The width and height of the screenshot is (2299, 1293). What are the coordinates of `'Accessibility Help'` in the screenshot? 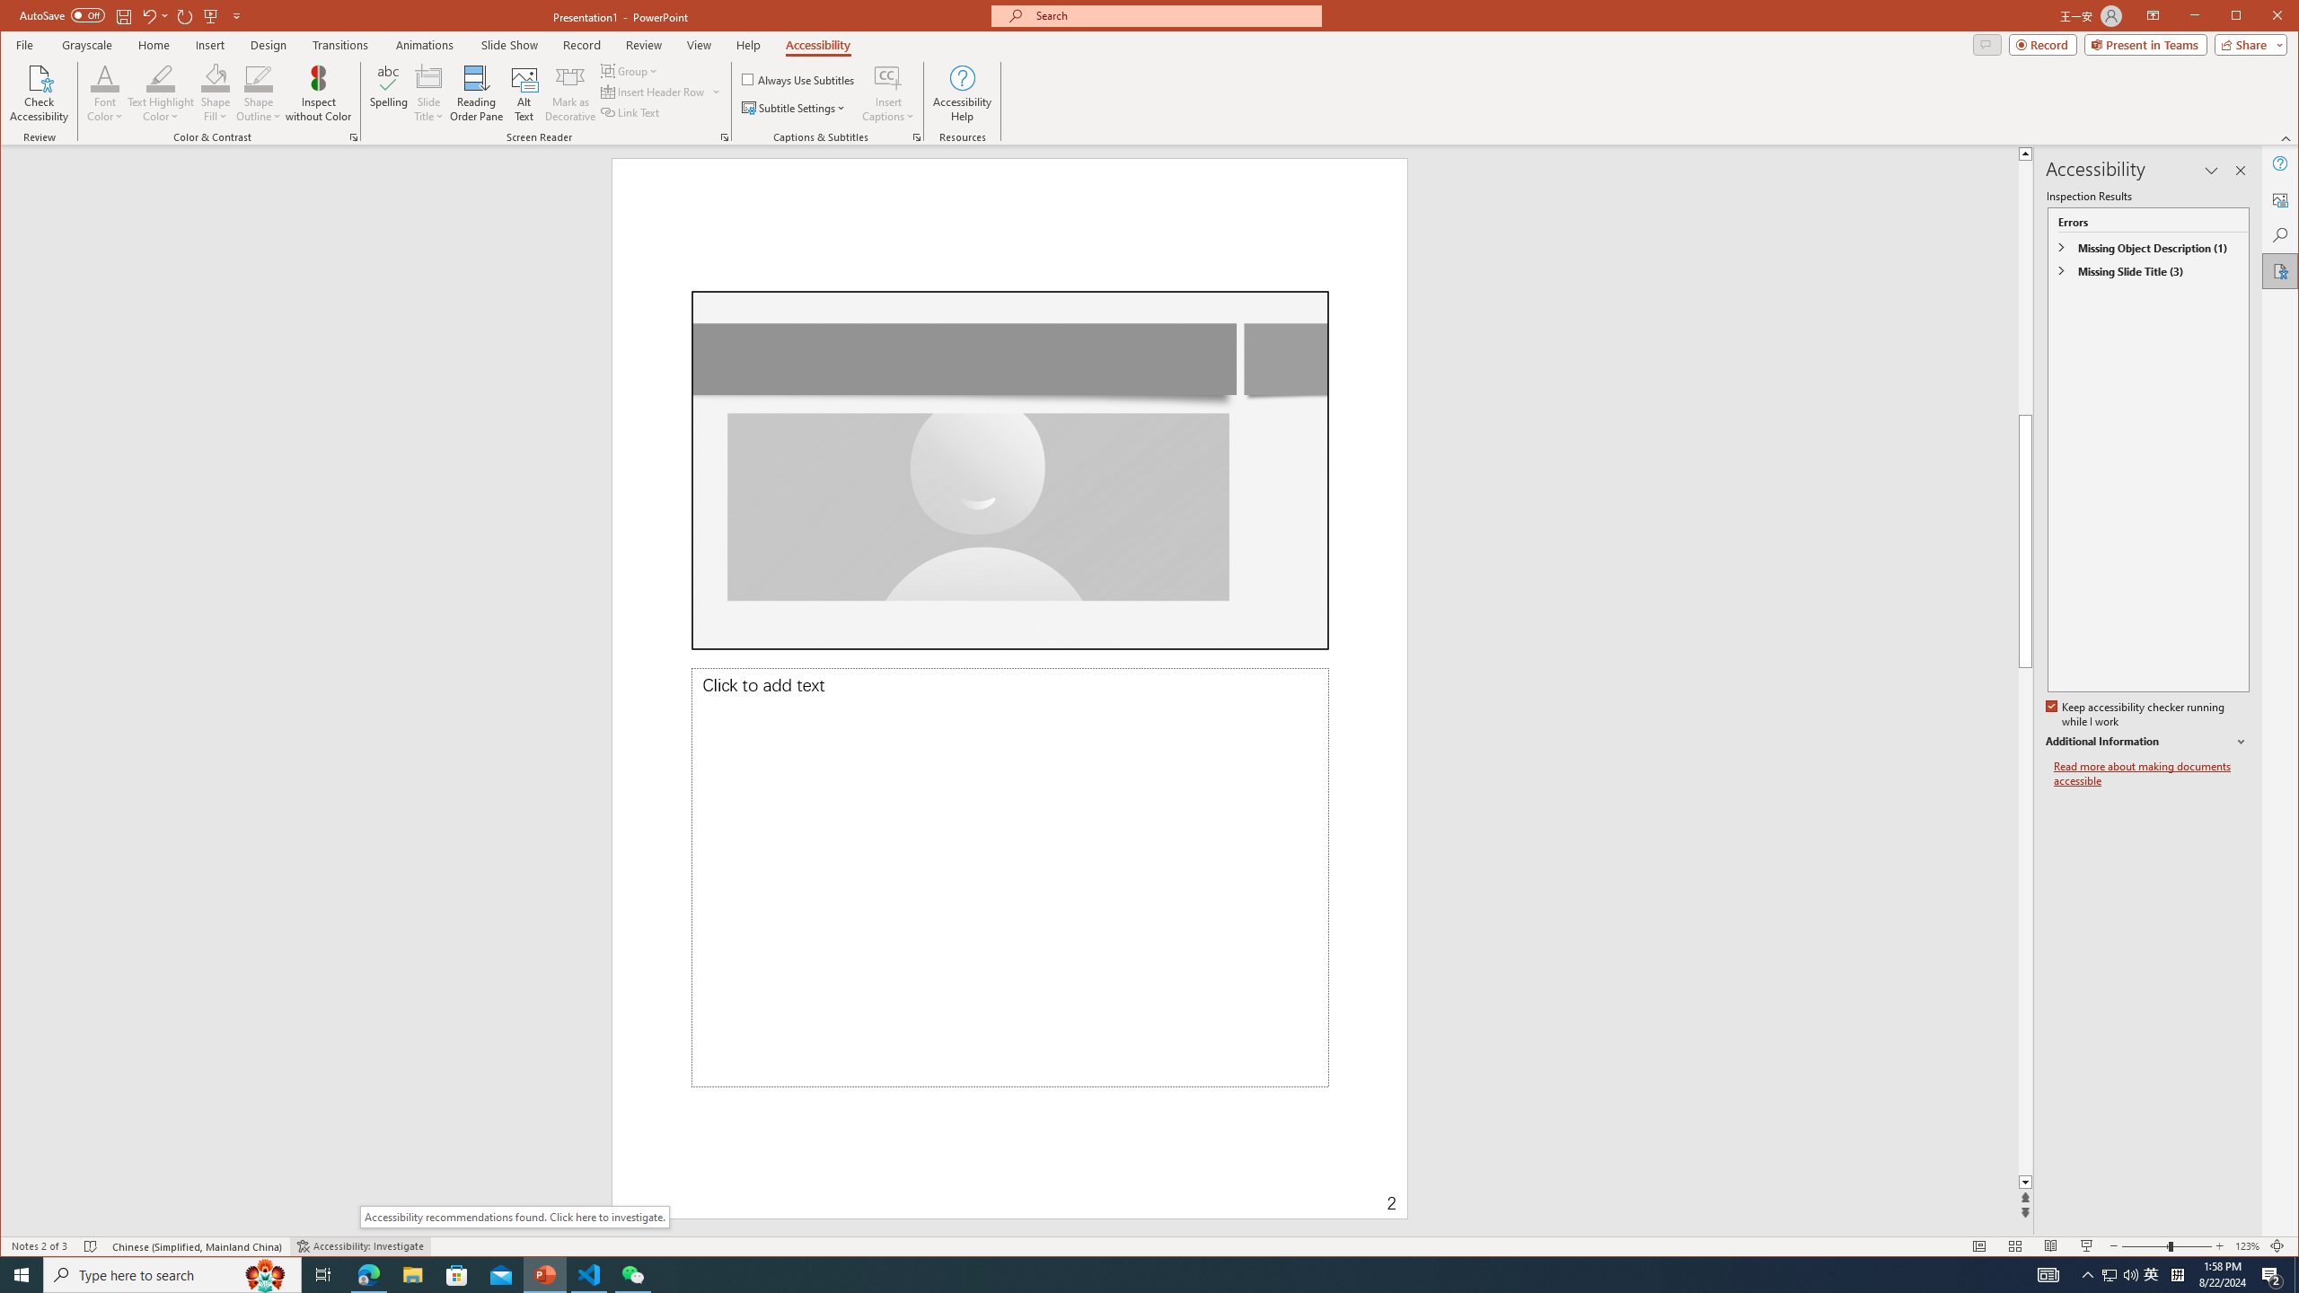 It's located at (962, 92).